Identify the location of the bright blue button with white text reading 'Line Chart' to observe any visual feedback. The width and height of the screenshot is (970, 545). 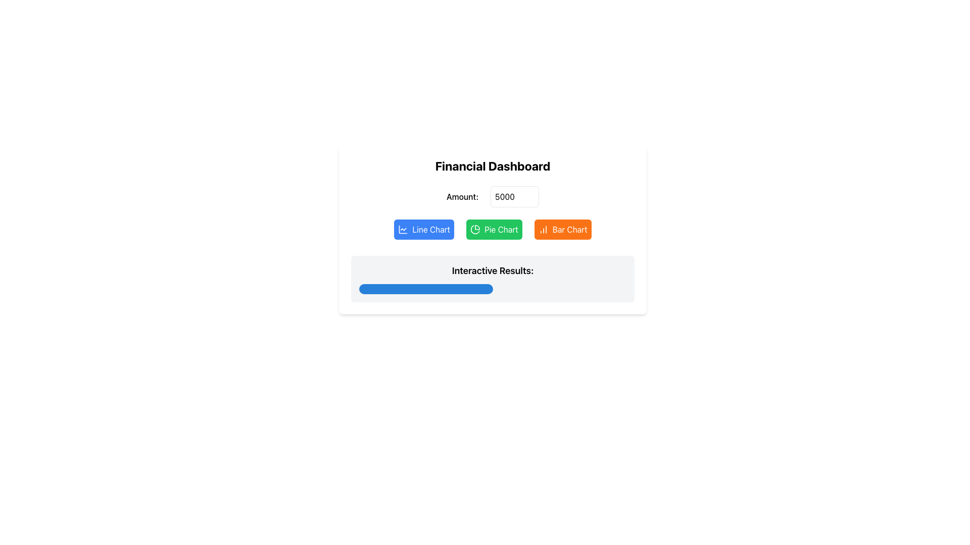
(424, 230).